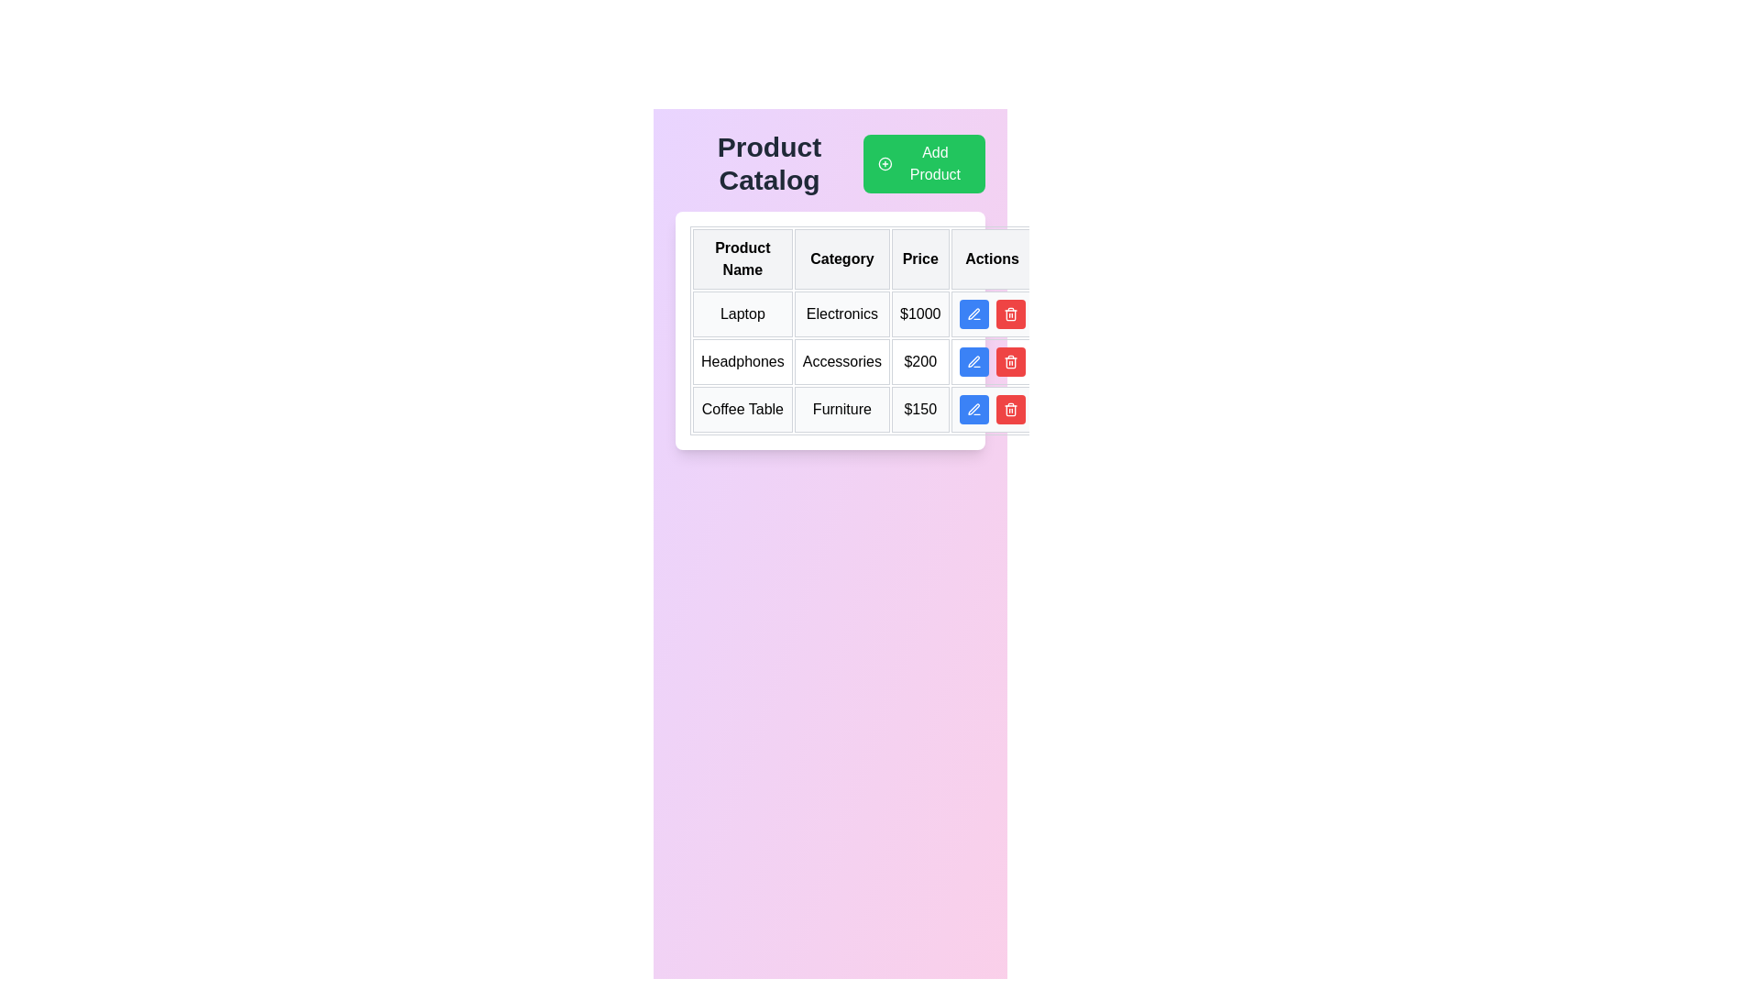 The image size is (1760, 990). I want to click on the edit button for the 'Headphones' entry in the 'Actions' column of the table's second row, so click(973, 361).